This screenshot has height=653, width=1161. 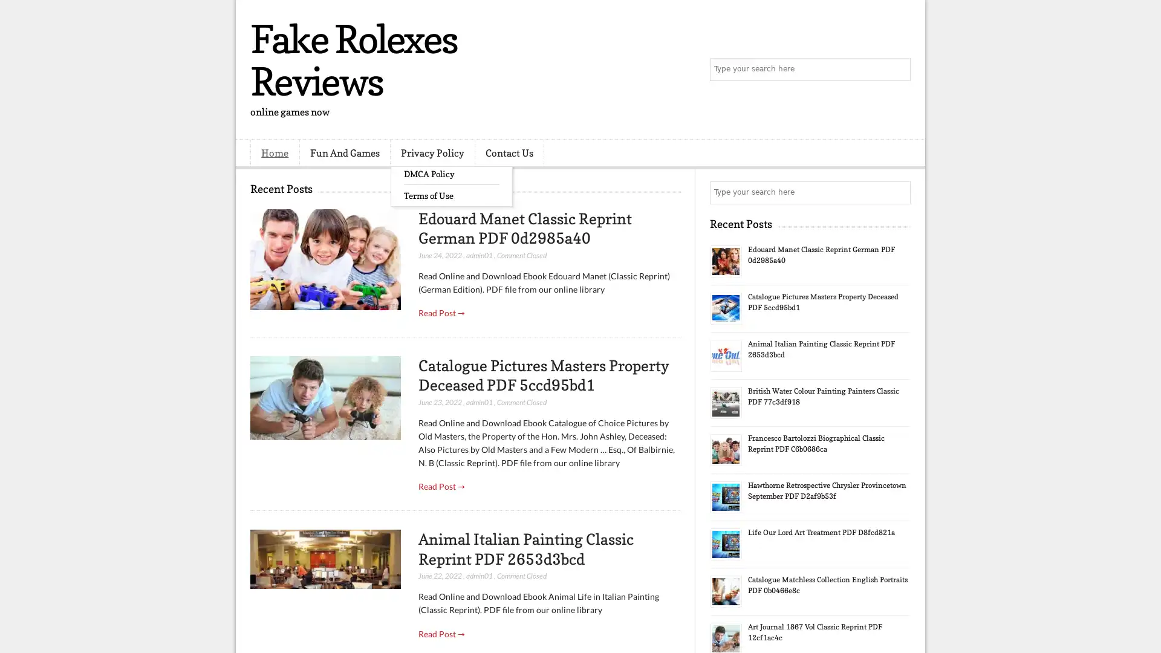 I want to click on Search, so click(x=898, y=70).